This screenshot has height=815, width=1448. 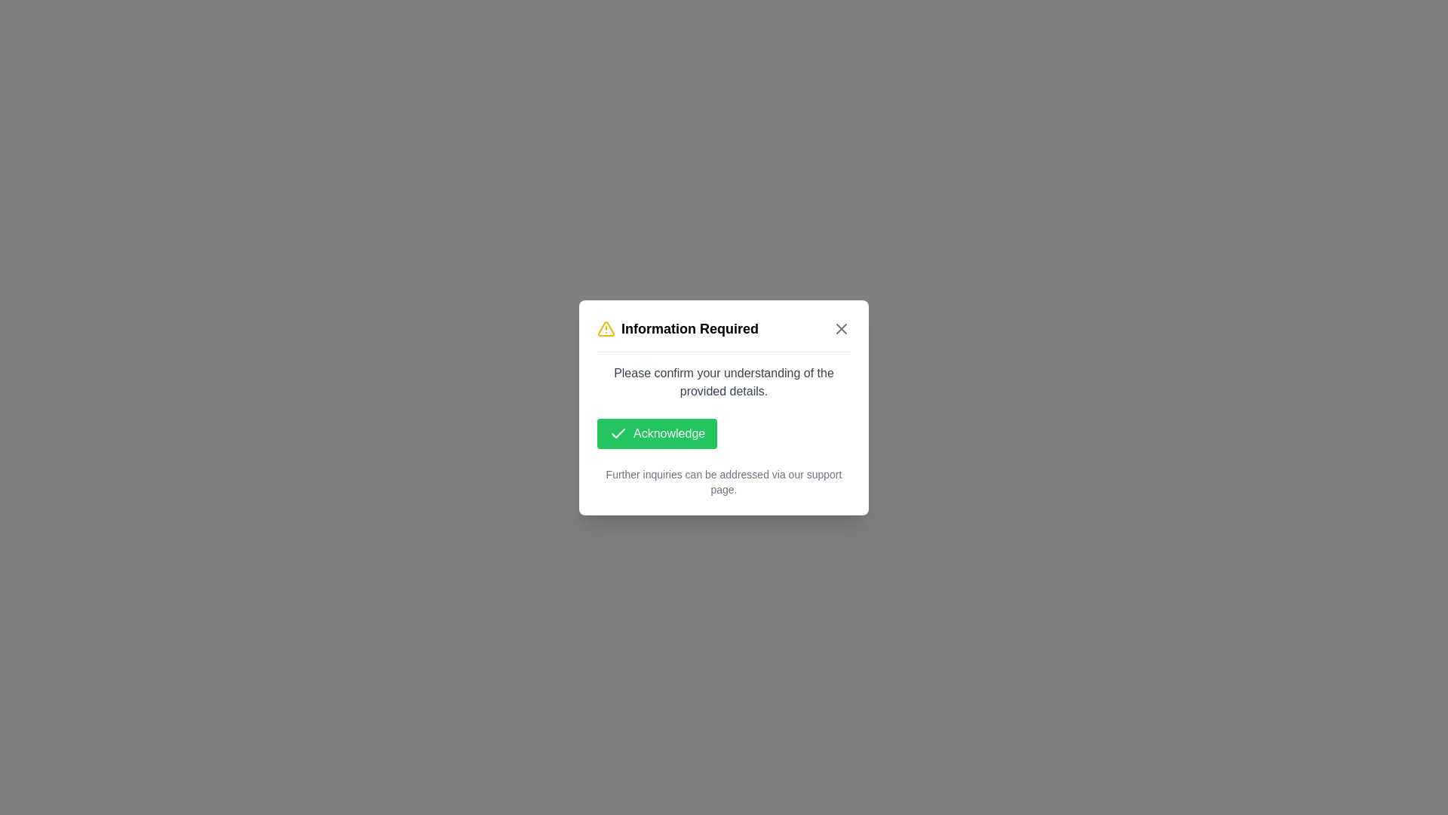 I want to click on the title and icon of the dialog to inspect their details, so click(x=606, y=328).